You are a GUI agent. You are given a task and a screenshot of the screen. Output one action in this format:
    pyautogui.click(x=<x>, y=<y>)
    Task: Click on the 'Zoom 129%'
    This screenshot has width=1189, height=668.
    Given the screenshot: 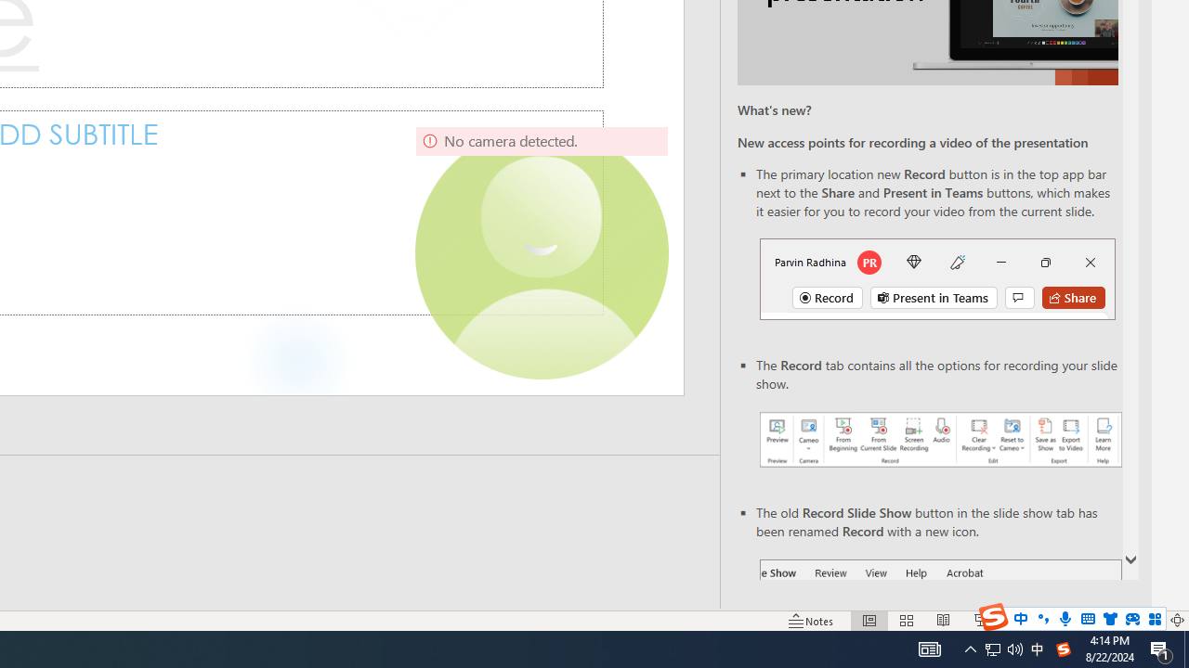 What is the action you would take?
    pyautogui.click(x=1145, y=621)
    